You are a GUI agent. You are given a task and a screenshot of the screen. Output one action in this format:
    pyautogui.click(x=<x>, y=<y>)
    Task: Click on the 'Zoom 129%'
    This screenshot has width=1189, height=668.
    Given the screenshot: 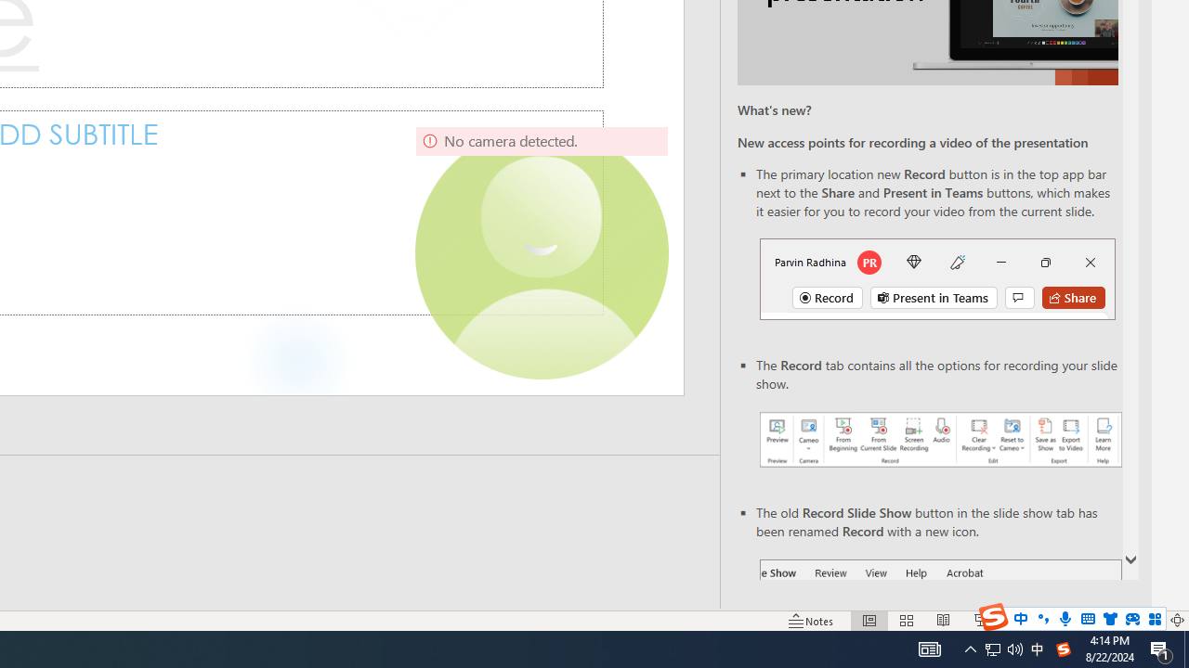 What is the action you would take?
    pyautogui.click(x=1145, y=621)
    